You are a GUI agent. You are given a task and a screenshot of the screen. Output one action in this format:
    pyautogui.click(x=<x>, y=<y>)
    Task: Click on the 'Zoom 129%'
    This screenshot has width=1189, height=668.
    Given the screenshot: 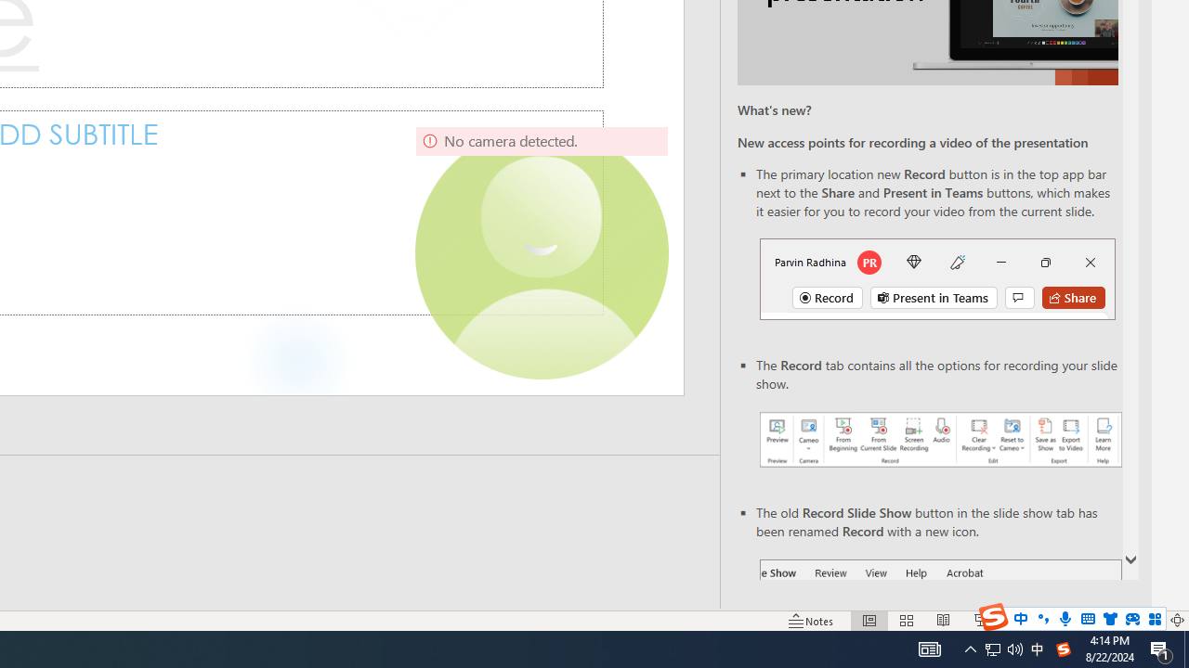 What is the action you would take?
    pyautogui.click(x=1145, y=621)
    